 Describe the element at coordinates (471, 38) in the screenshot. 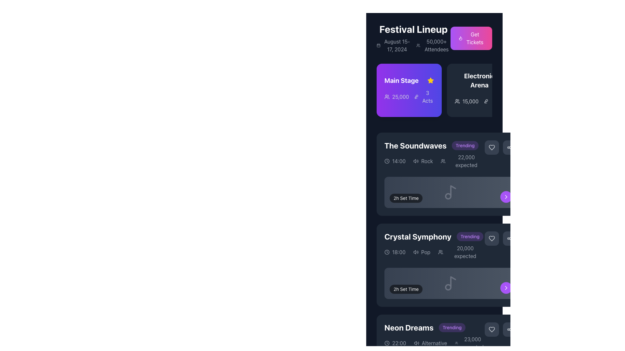

I see `the 'Get Tickets' button with a gradient background transitioning from purple to pink, which contains a flame icon` at that location.